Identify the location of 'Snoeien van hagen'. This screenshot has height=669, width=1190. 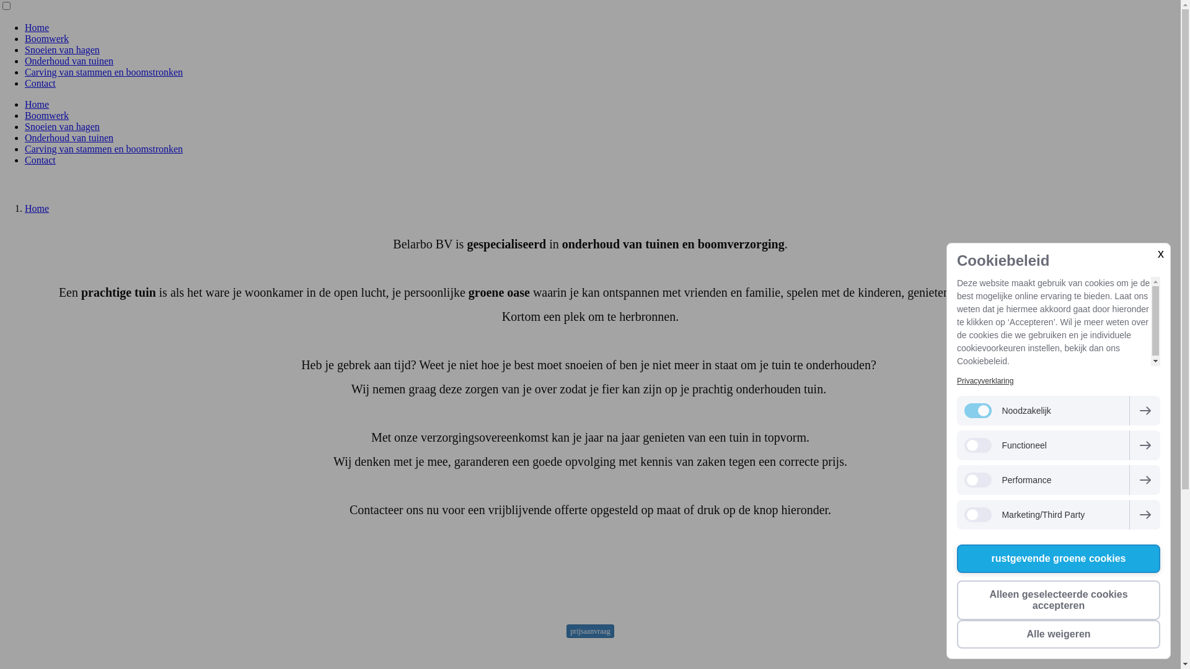
(61, 49).